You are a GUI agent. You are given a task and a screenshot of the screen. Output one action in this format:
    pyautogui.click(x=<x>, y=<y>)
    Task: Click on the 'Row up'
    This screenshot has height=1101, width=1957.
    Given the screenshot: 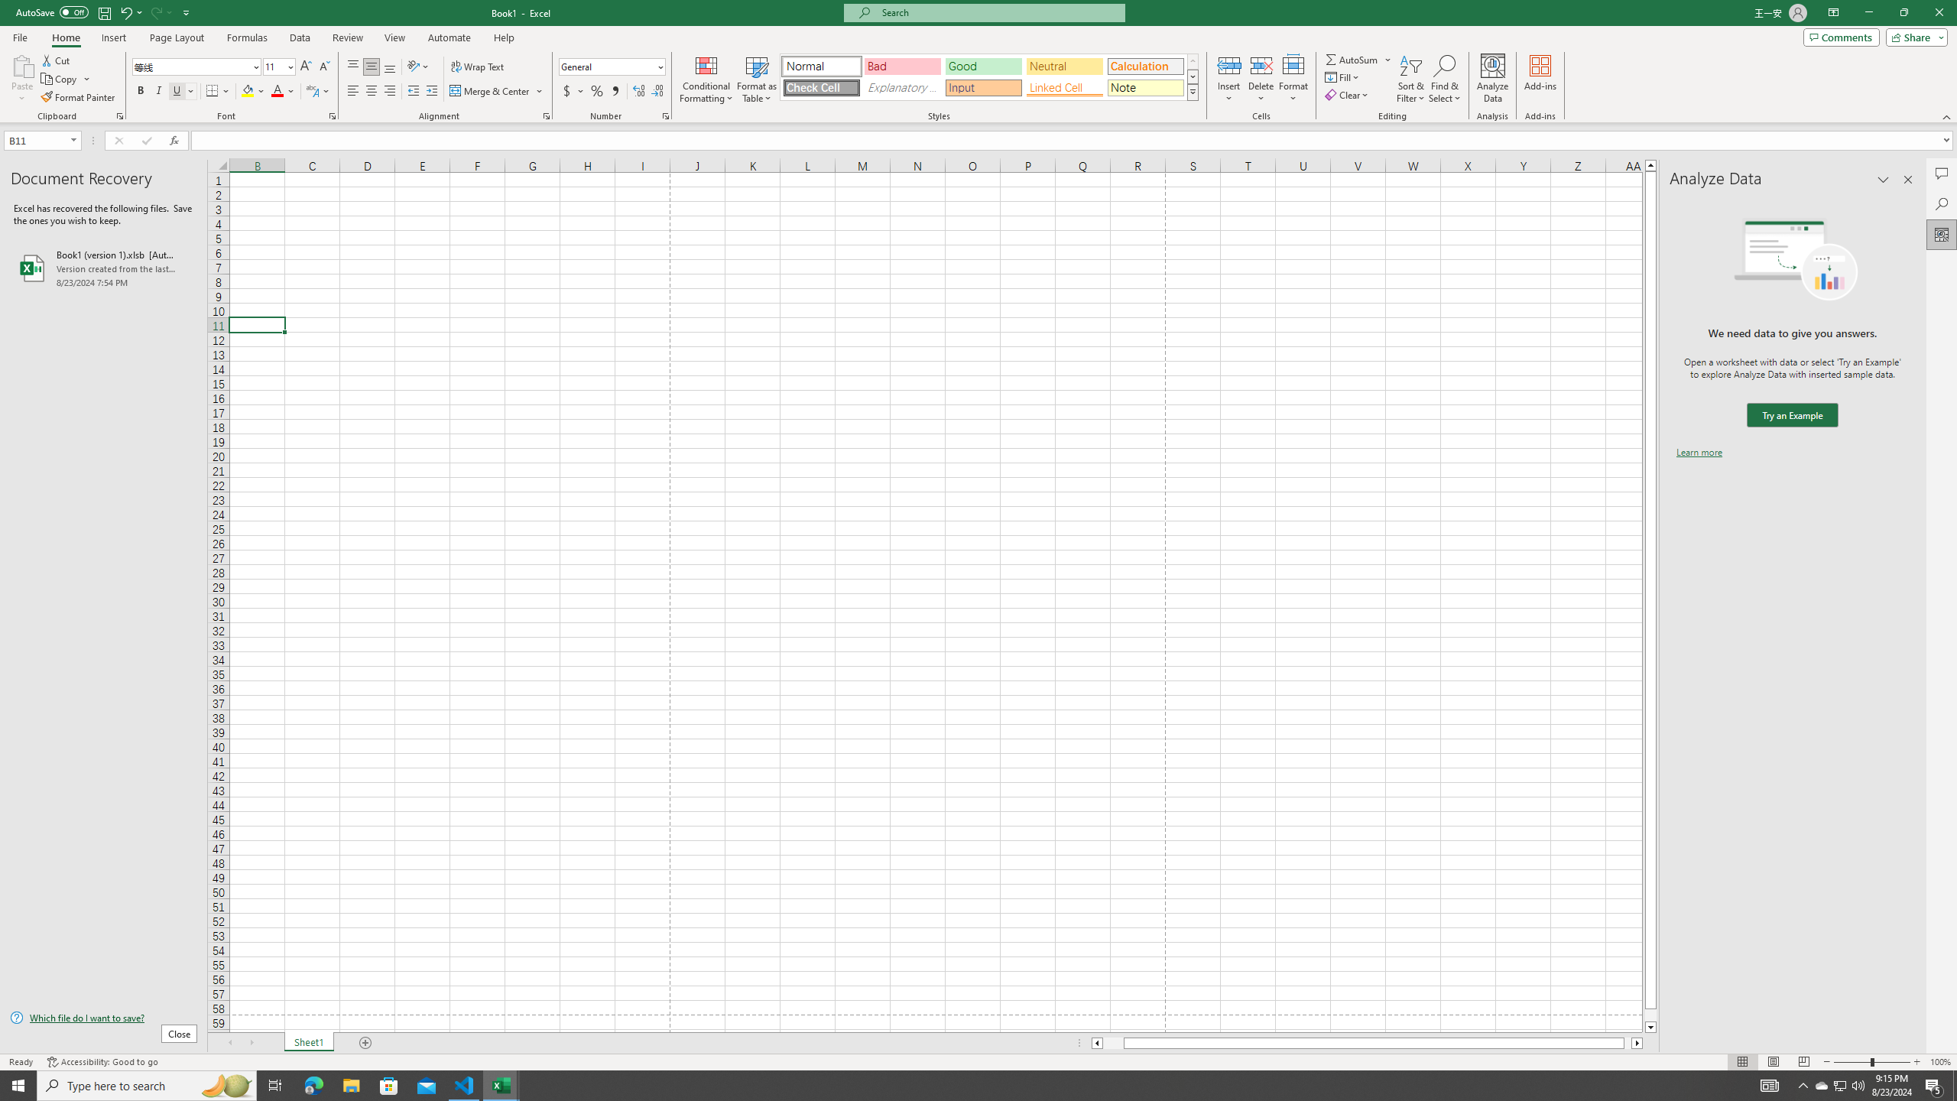 What is the action you would take?
    pyautogui.click(x=1193, y=61)
    